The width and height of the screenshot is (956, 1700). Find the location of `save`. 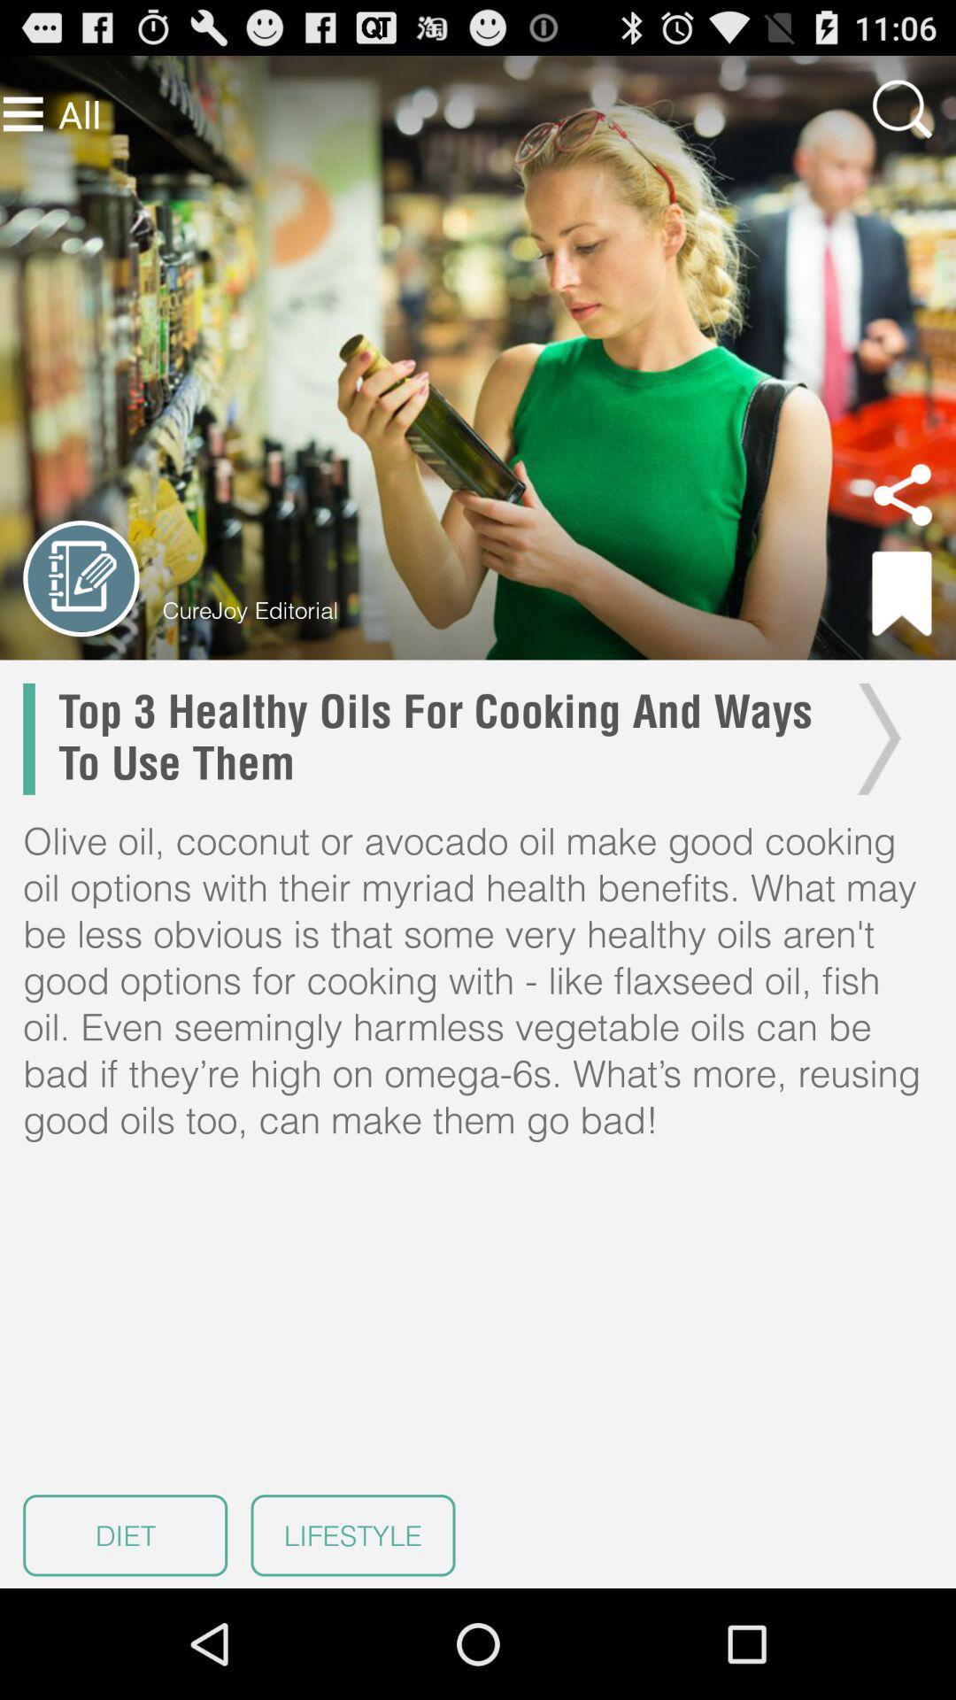

save is located at coordinates (902, 593).